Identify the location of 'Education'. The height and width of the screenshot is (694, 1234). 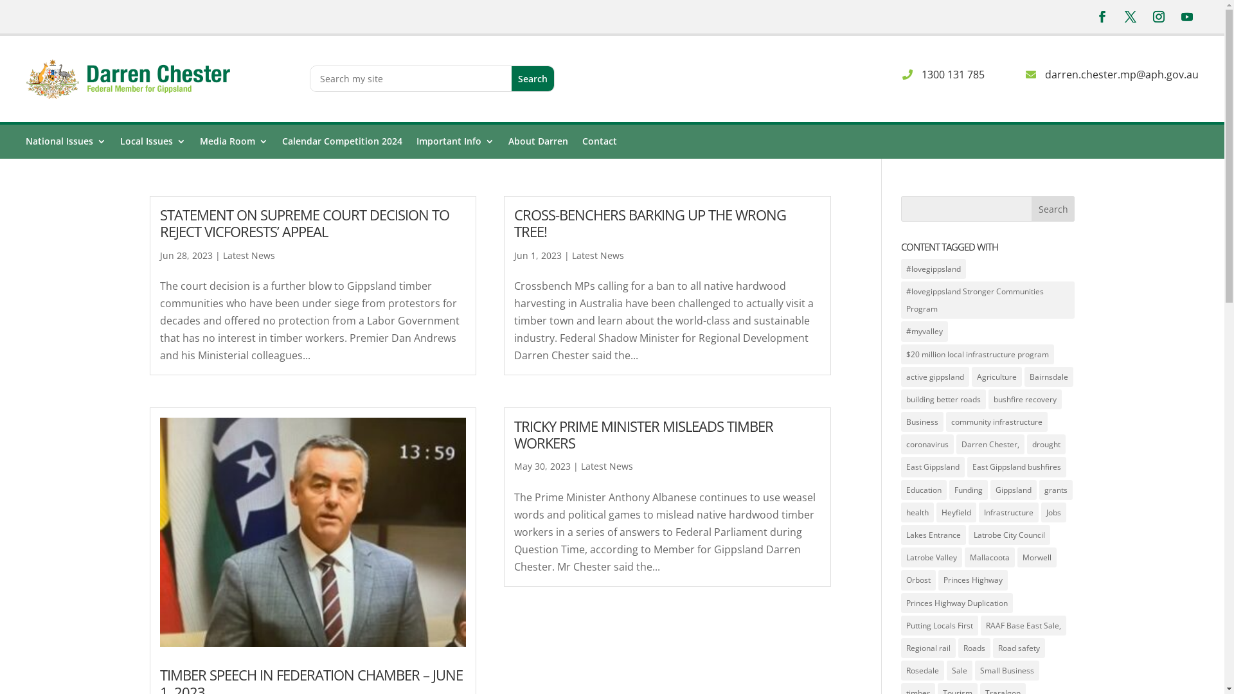
(923, 490).